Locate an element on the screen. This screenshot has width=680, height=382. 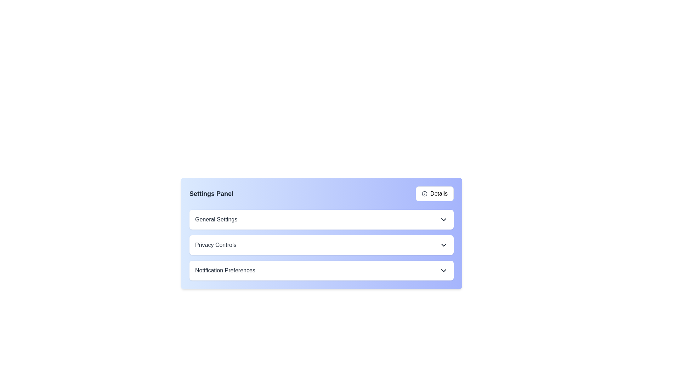
the 'Privacy Controls' dropdown menu is located at coordinates (321, 245).